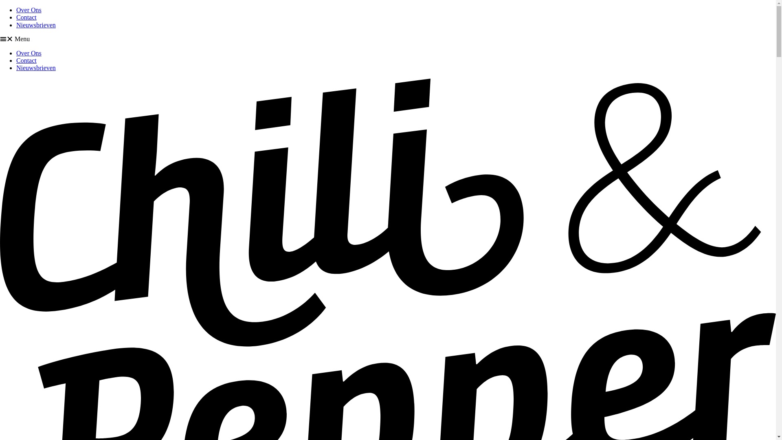 Image resolution: width=782 pixels, height=440 pixels. I want to click on 'Nieuwsbrieven', so click(35, 24).